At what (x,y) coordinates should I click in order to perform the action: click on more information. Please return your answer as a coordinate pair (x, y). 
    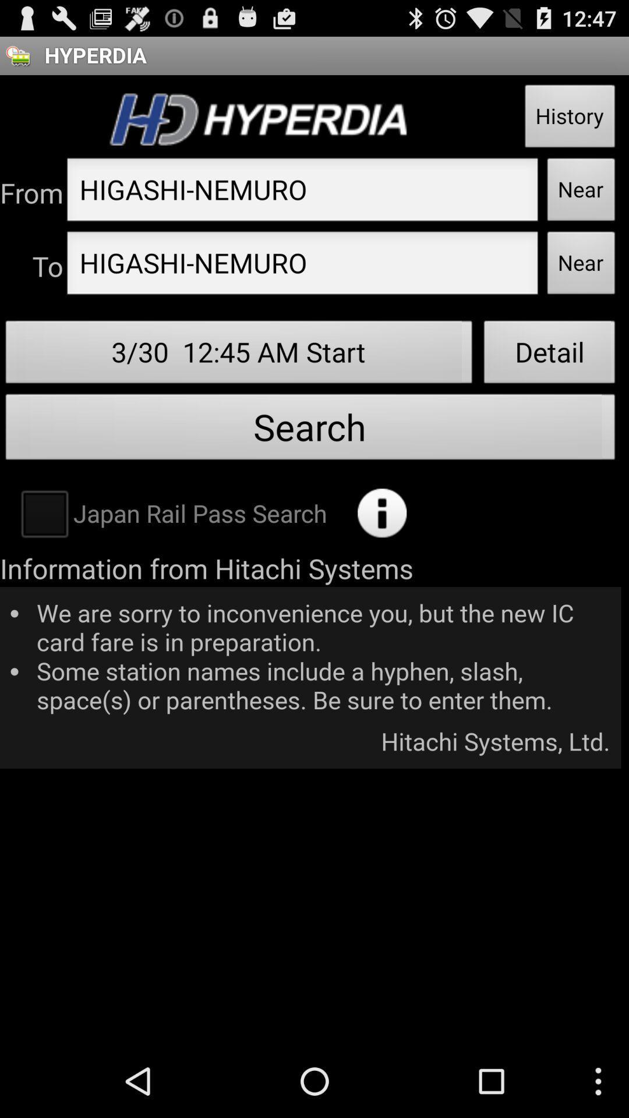
    Looking at the image, I should click on (382, 512).